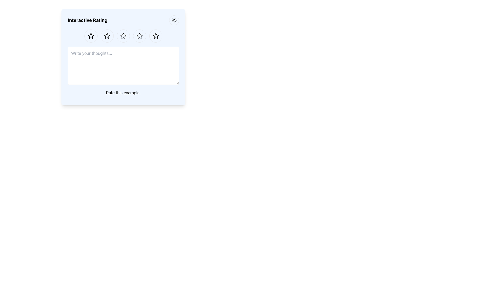 The width and height of the screenshot is (502, 282). I want to click on the third star icon in the rating group, so click(123, 36).